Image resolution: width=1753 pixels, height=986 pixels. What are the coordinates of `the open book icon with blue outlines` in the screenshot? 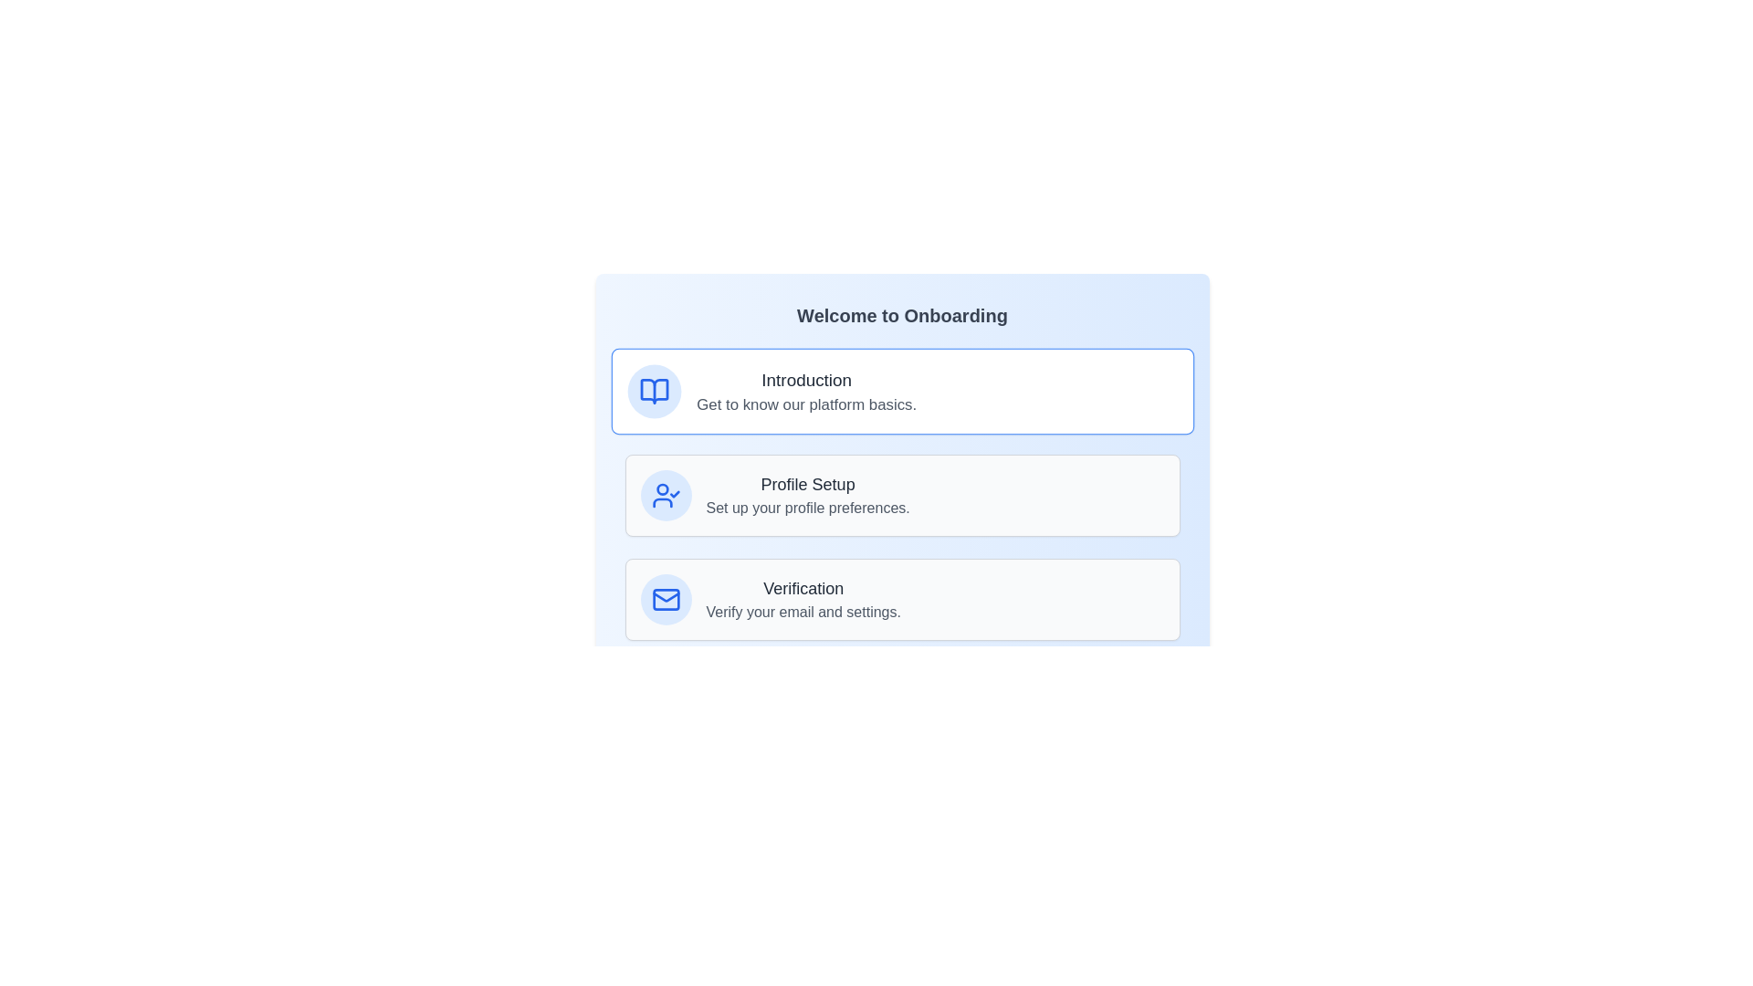 It's located at (654, 390).